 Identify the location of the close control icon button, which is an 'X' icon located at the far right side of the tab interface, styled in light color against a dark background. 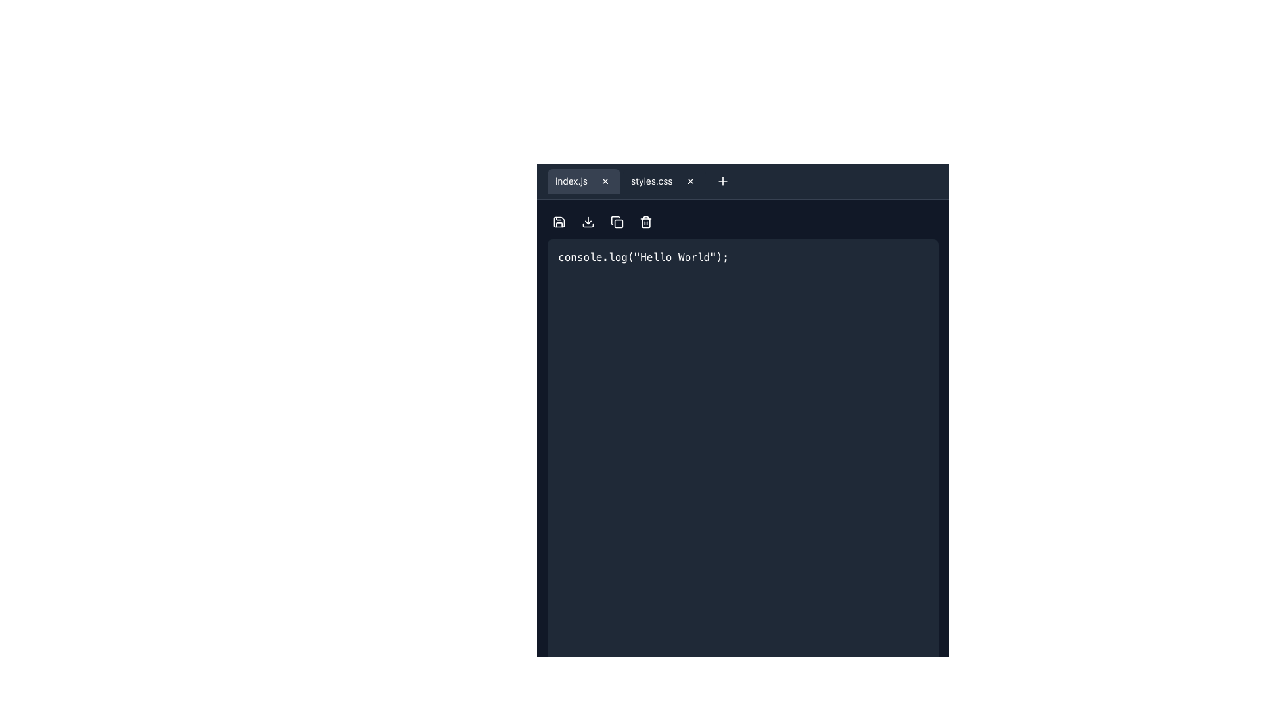
(689, 181).